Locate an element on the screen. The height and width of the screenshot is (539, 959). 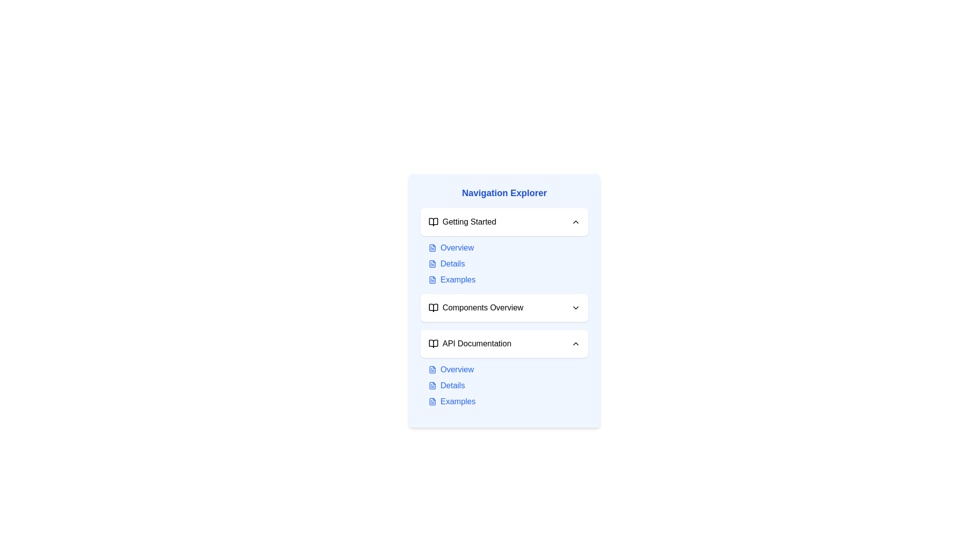
the 'Examples' icon in the 'Getting Started' section of the navigation menu, which represents the examples section in the documentation is located at coordinates (432, 279).